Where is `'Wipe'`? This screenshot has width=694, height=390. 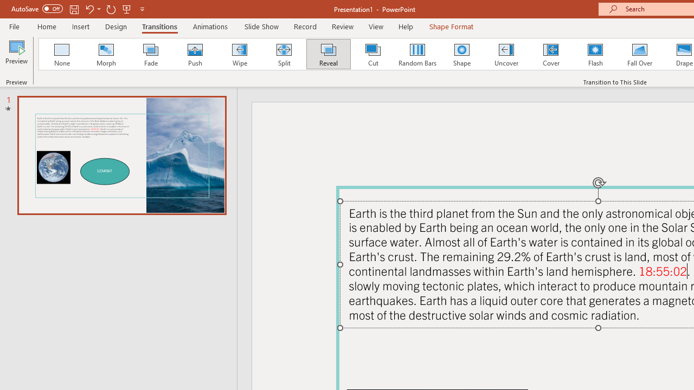 'Wipe' is located at coordinates (239, 54).